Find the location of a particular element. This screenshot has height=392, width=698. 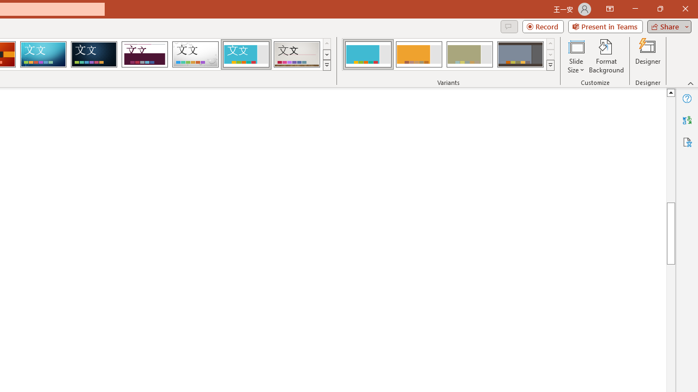

'Frame Variant 2' is located at coordinates (418, 54).